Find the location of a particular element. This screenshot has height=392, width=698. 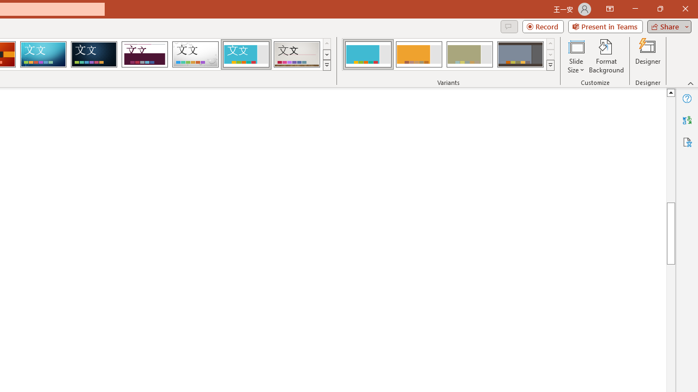

'Frame Variant 2' is located at coordinates (418, 54).